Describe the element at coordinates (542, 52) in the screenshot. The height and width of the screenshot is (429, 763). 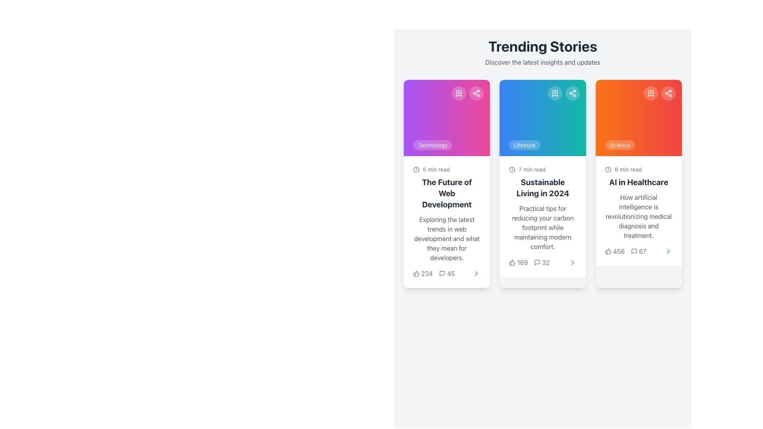
I see `text content of the 'Trending Stories' heading and subtitle element, which is centrally positioned at the top of the layout` at that location.